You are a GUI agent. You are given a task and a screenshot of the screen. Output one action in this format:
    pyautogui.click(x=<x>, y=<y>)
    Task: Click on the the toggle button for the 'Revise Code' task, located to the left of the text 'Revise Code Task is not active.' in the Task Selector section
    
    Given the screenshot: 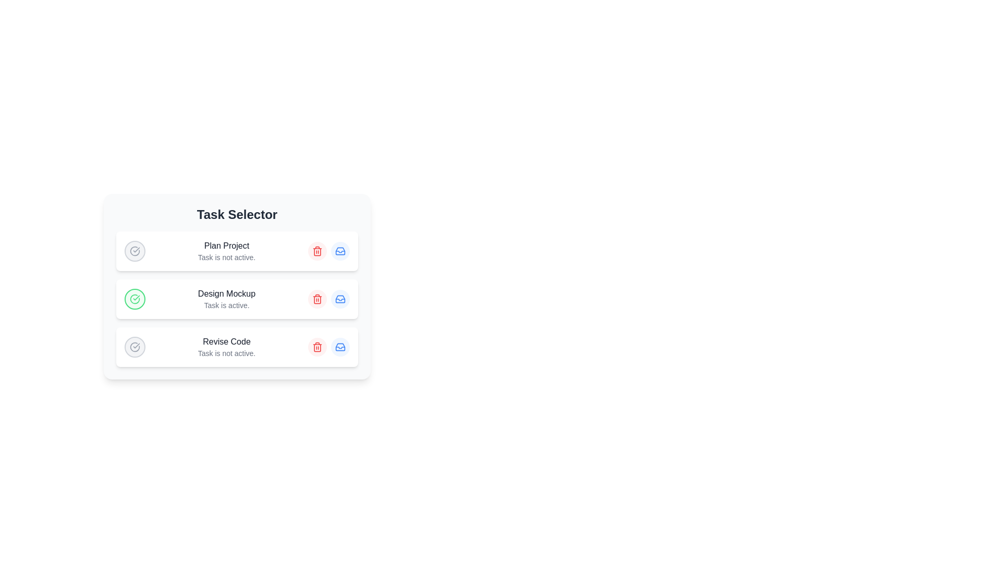 What is the action you would take?
    pyautogui.click(x=135, y=347)
    